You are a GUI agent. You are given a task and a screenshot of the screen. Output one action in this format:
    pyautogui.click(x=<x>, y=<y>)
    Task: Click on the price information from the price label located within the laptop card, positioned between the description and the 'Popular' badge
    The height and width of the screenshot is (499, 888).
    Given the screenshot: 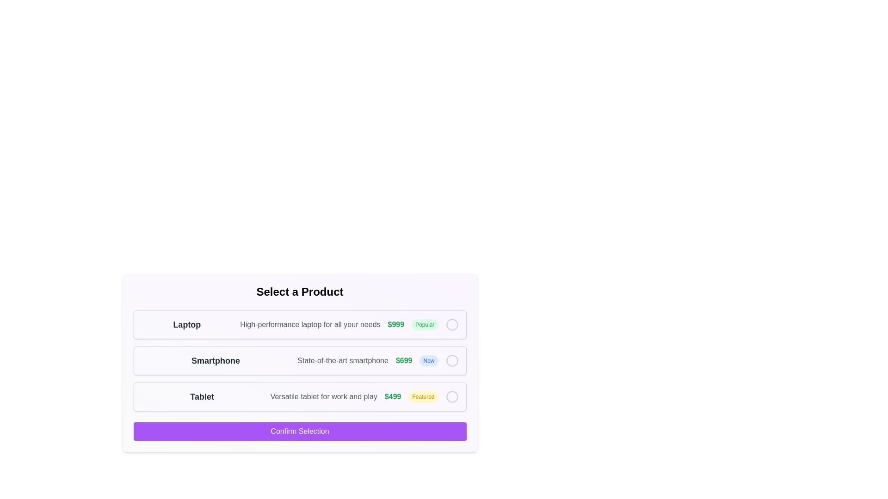 What is the action you would take?
    pyautogui.click(x=396, y=324)
    